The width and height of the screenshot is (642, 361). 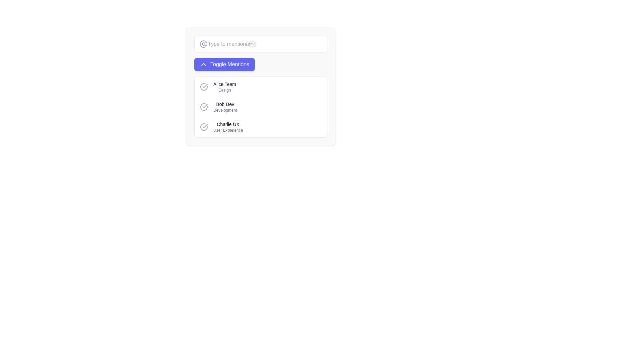 I want to click on the text label displaying 'Bob Dev', so click(x=225, y=104).